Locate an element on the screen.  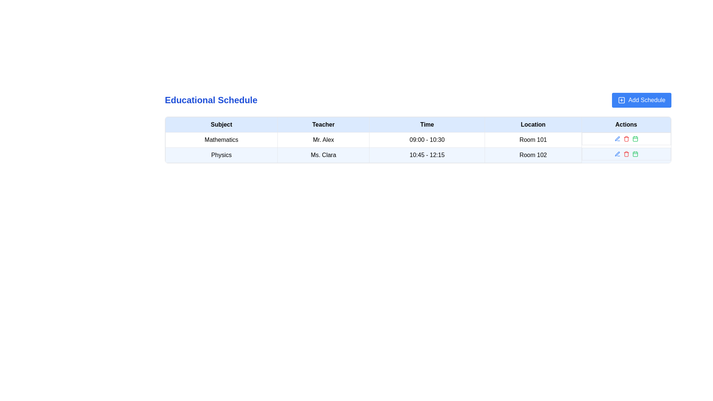
label of the table column header labeled 'Time', which is styled with a light blue background and bold black text, positioned as the third column header in a row is located at coordinates (427, 124).